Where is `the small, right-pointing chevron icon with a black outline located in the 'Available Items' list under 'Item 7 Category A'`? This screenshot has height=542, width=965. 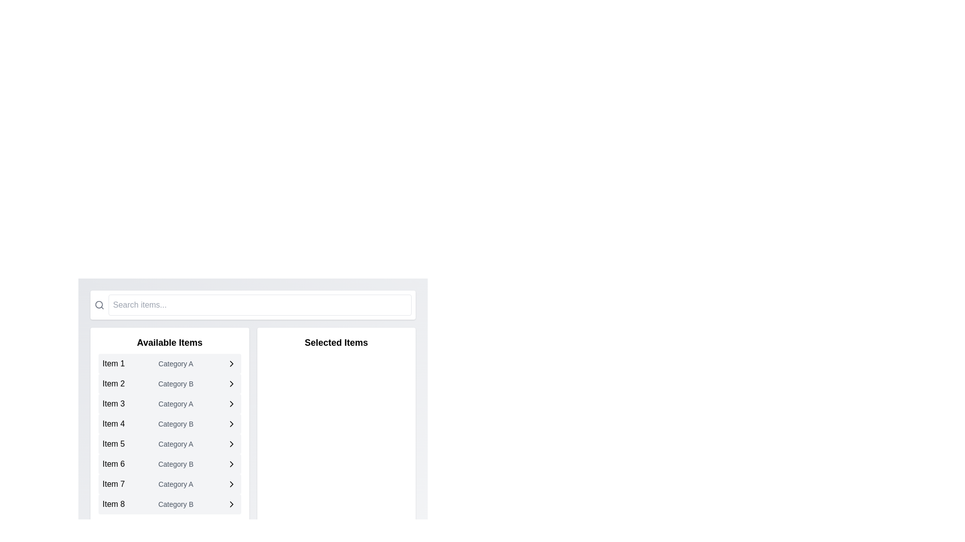
the small, right-pointing chevron icon with a black outline located in the 'Available Items' list under 'Item 7 Category A' is located at coordinates (231, 483).